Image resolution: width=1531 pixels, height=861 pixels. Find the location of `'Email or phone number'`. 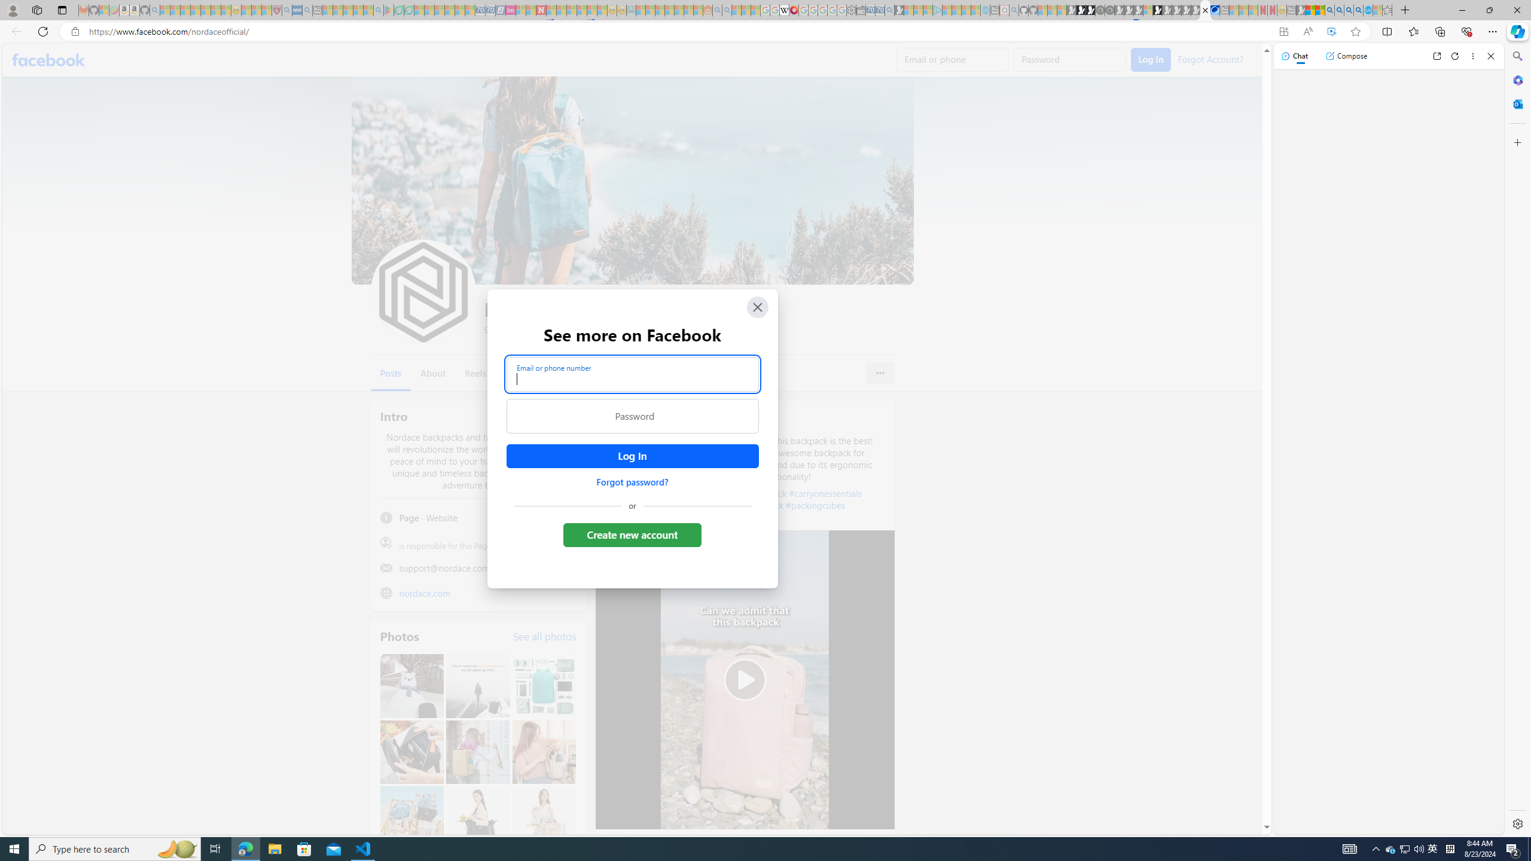

'Email or phone number' is located at coordinates (632, 373).